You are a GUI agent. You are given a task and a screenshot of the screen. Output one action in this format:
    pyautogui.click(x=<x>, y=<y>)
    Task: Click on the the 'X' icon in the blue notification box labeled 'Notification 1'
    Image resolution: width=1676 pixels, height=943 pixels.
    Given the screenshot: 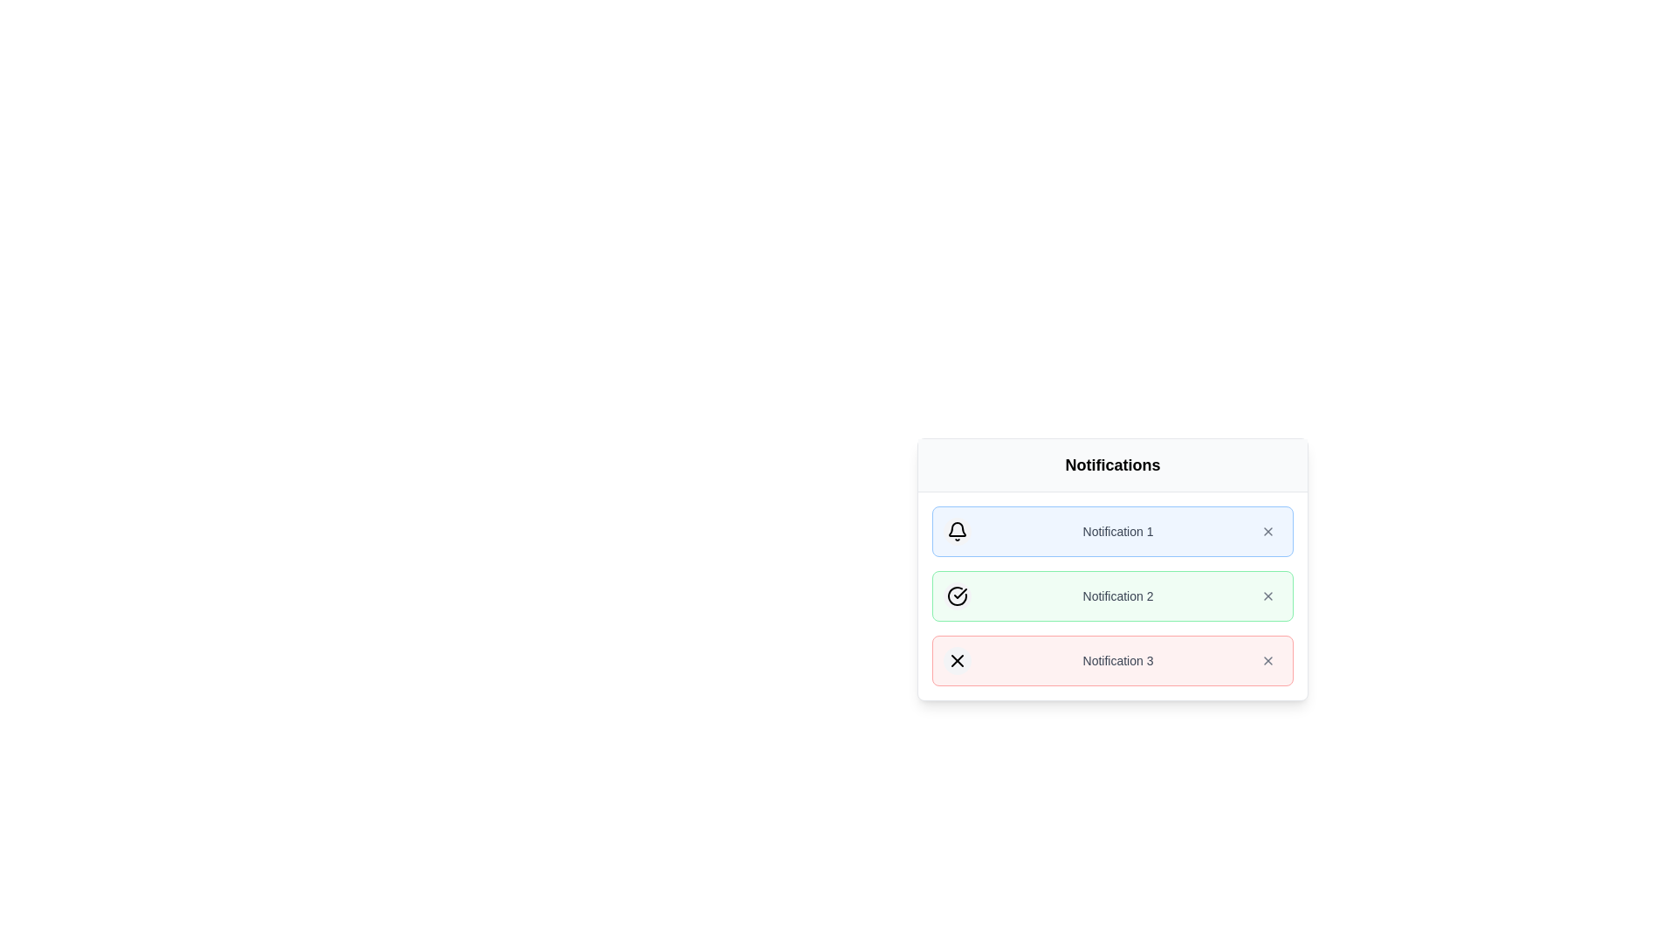 What is the action you would take?
    pyautogui.click(x=1268, y=531)
    